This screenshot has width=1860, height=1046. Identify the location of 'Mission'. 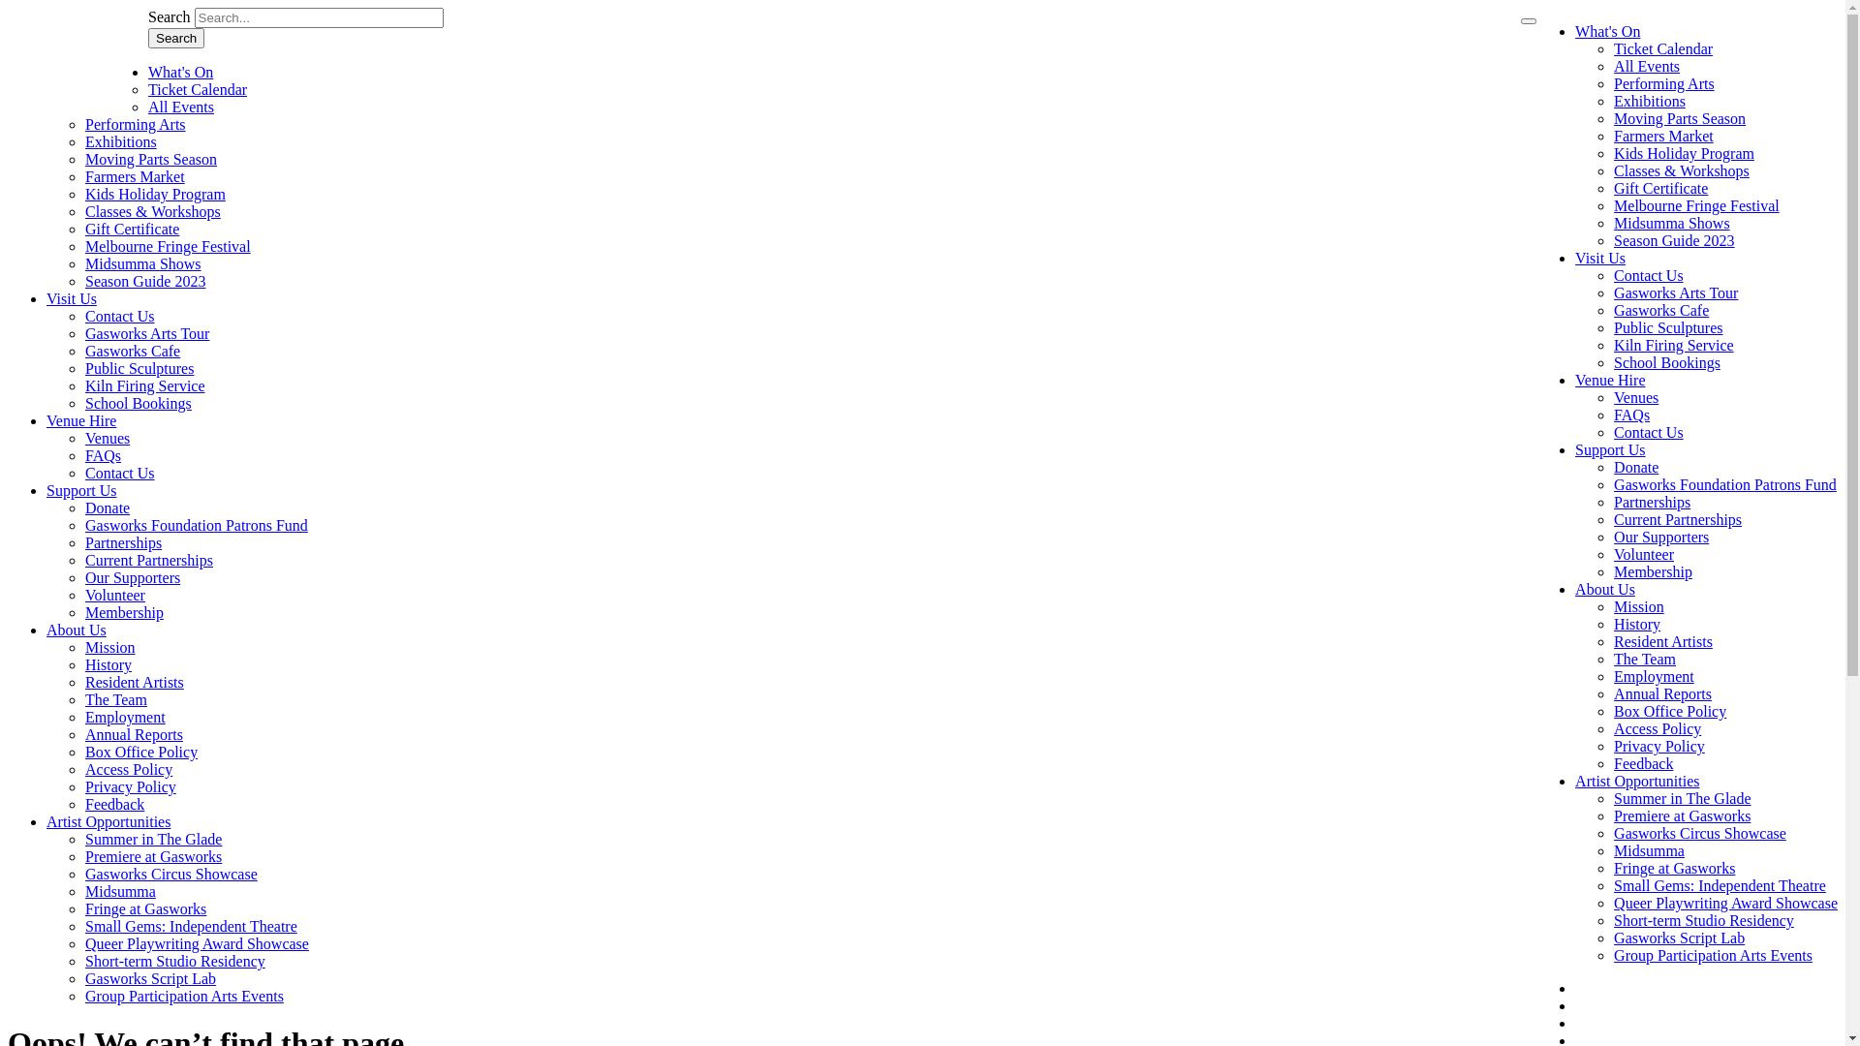
(1637, 605).